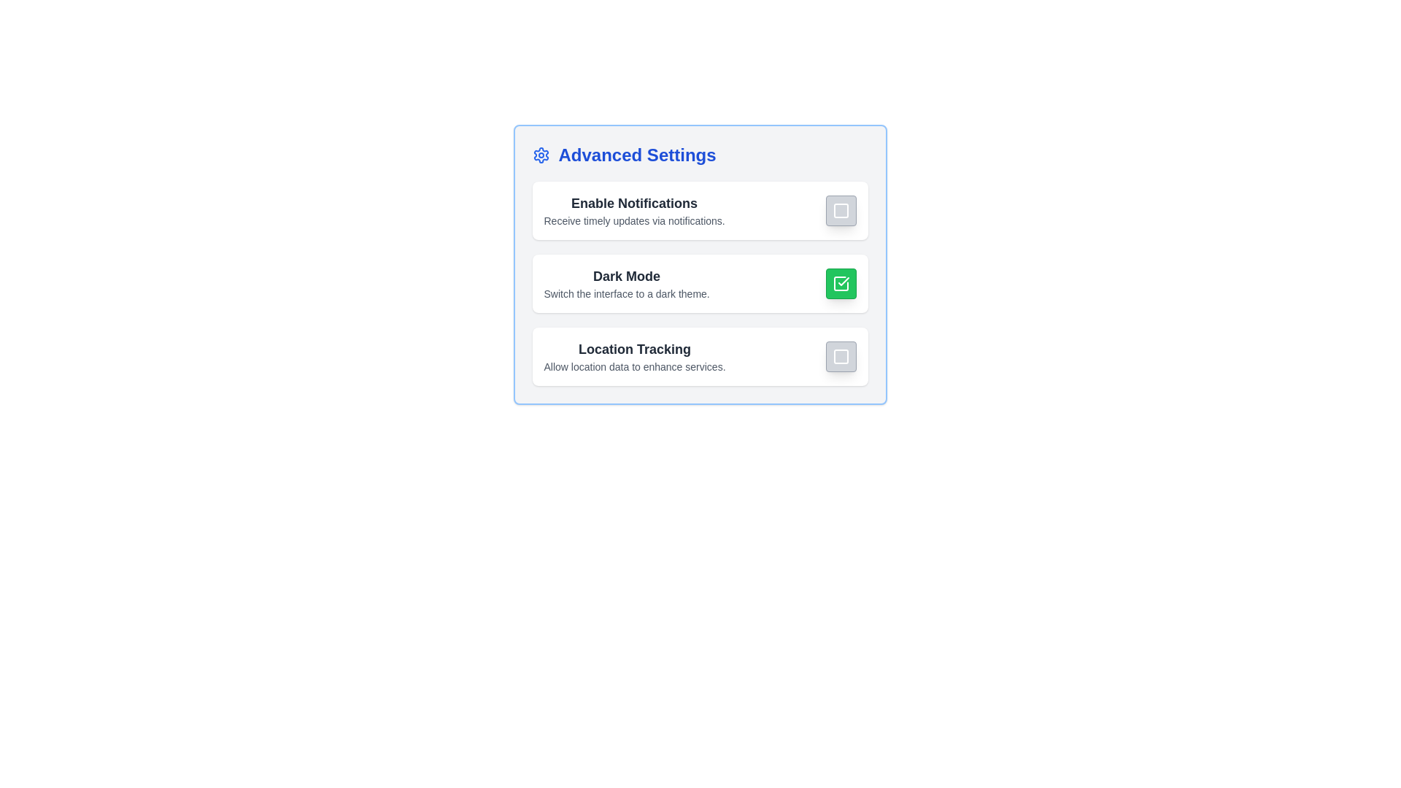 The width and height of the screenshot is (1401, 788). What do you see at coordinates (841, 211) in the screenshot?
I see `the graphical icon located in the top-right corner of the first row of the settings list, adjacent to the 'Enable Notifications' label` at bounding box center [841, 211].